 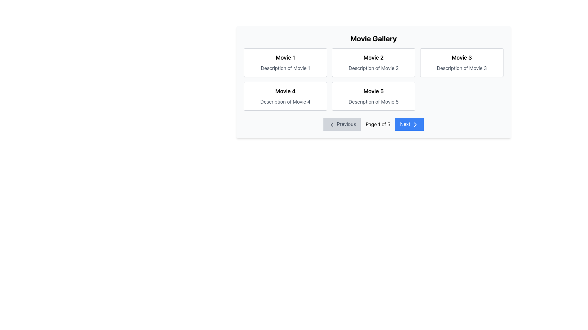 I want to click on the Text Label that serves as the title or name of a movie entry located on the right-hand side of the second row in a grid-style layout, positioned above the text 'Description of Movie 5', so click(x=373, y=91).